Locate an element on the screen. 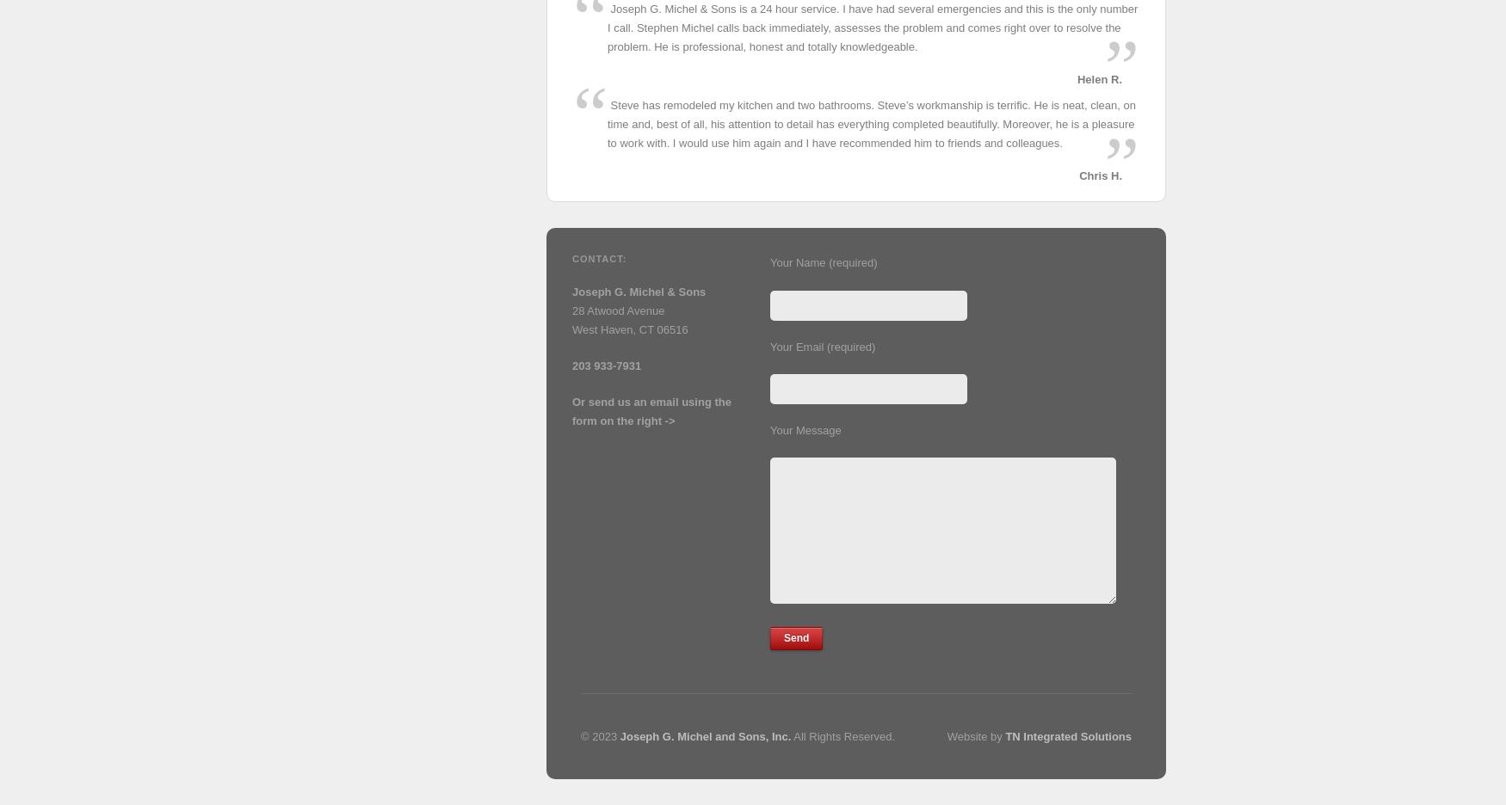 The width and height of the screenshot is (1506, 805). 'Your Name (required)' is located at coordinates (768, 262).